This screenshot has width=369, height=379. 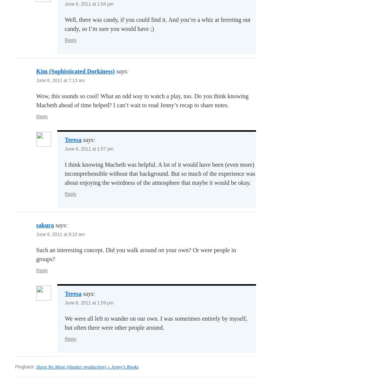 I want to click on 'Well, there was candy, if you could find it. And you’re a whiz at ferreting out candy, so I’m sure you would have ;)', so click(x=64, y=24).